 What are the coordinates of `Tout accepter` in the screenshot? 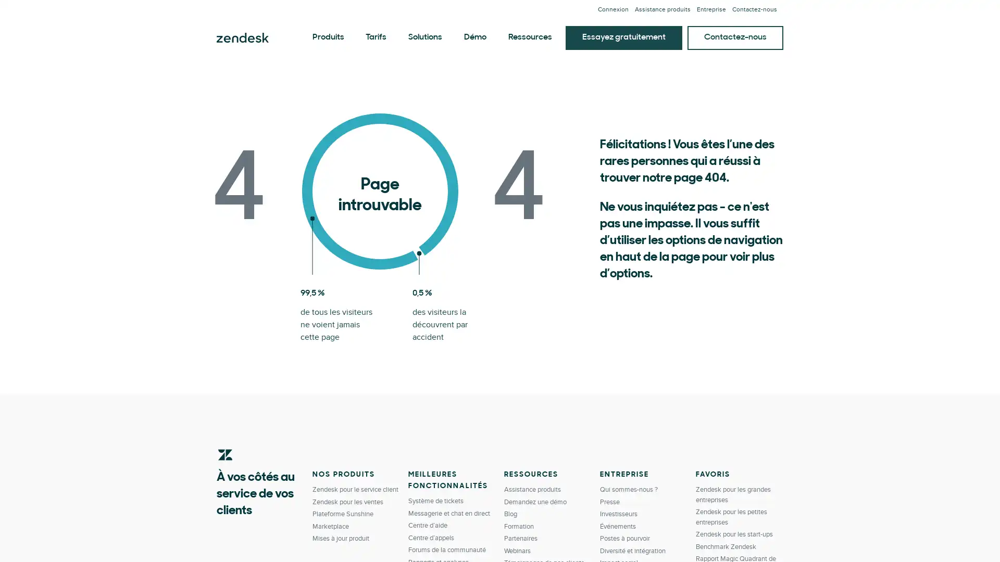 It's located at (954, 534).